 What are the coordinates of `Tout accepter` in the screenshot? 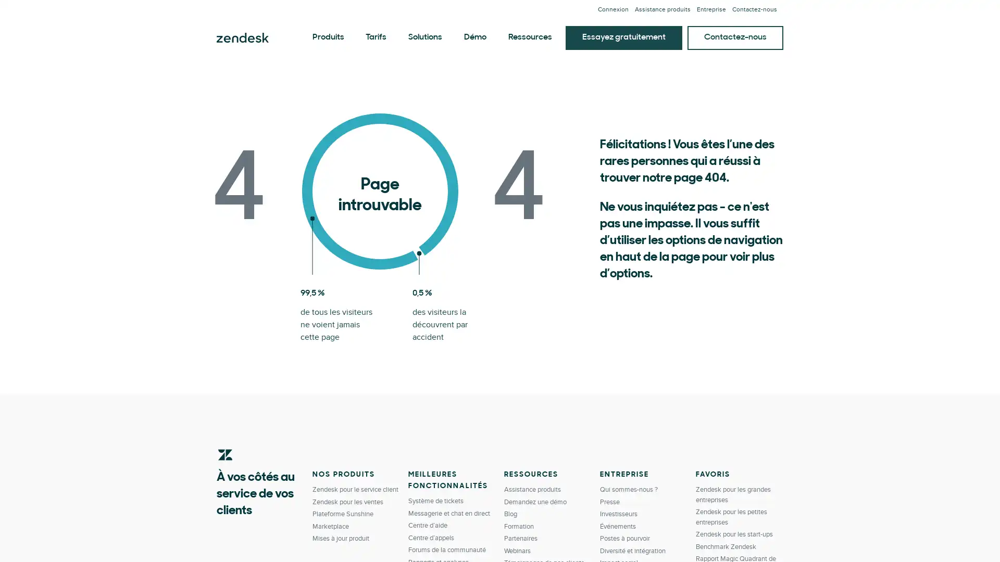 It's located at (954, 534).